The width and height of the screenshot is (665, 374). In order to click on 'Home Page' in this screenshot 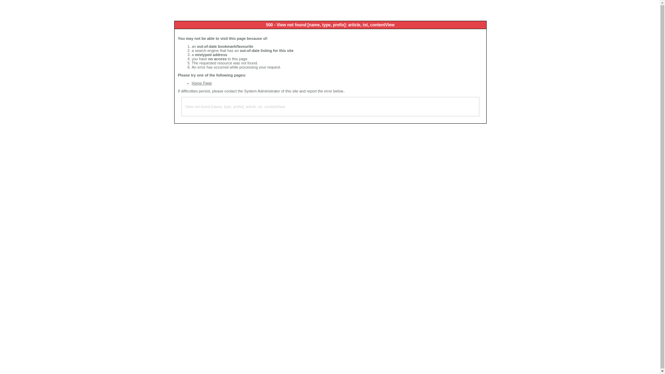, I will do `click(201, 82)`.